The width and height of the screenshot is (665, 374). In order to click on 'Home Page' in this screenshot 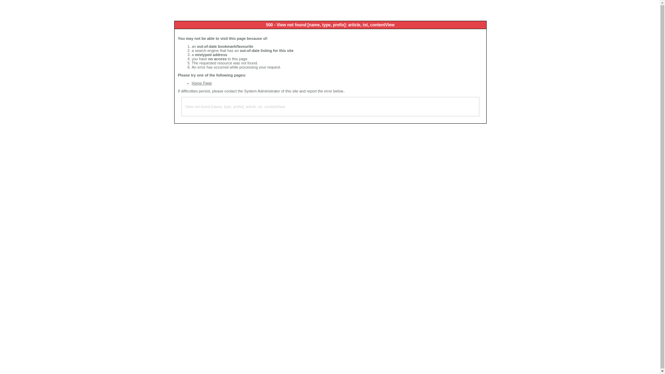, I will do `click(201, 82)`.